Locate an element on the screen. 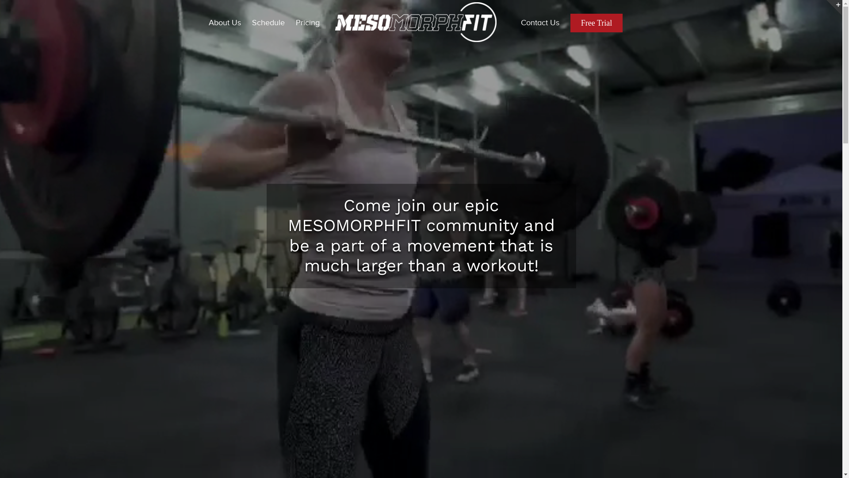  'Pricing' is located at coordinates (308, 22).